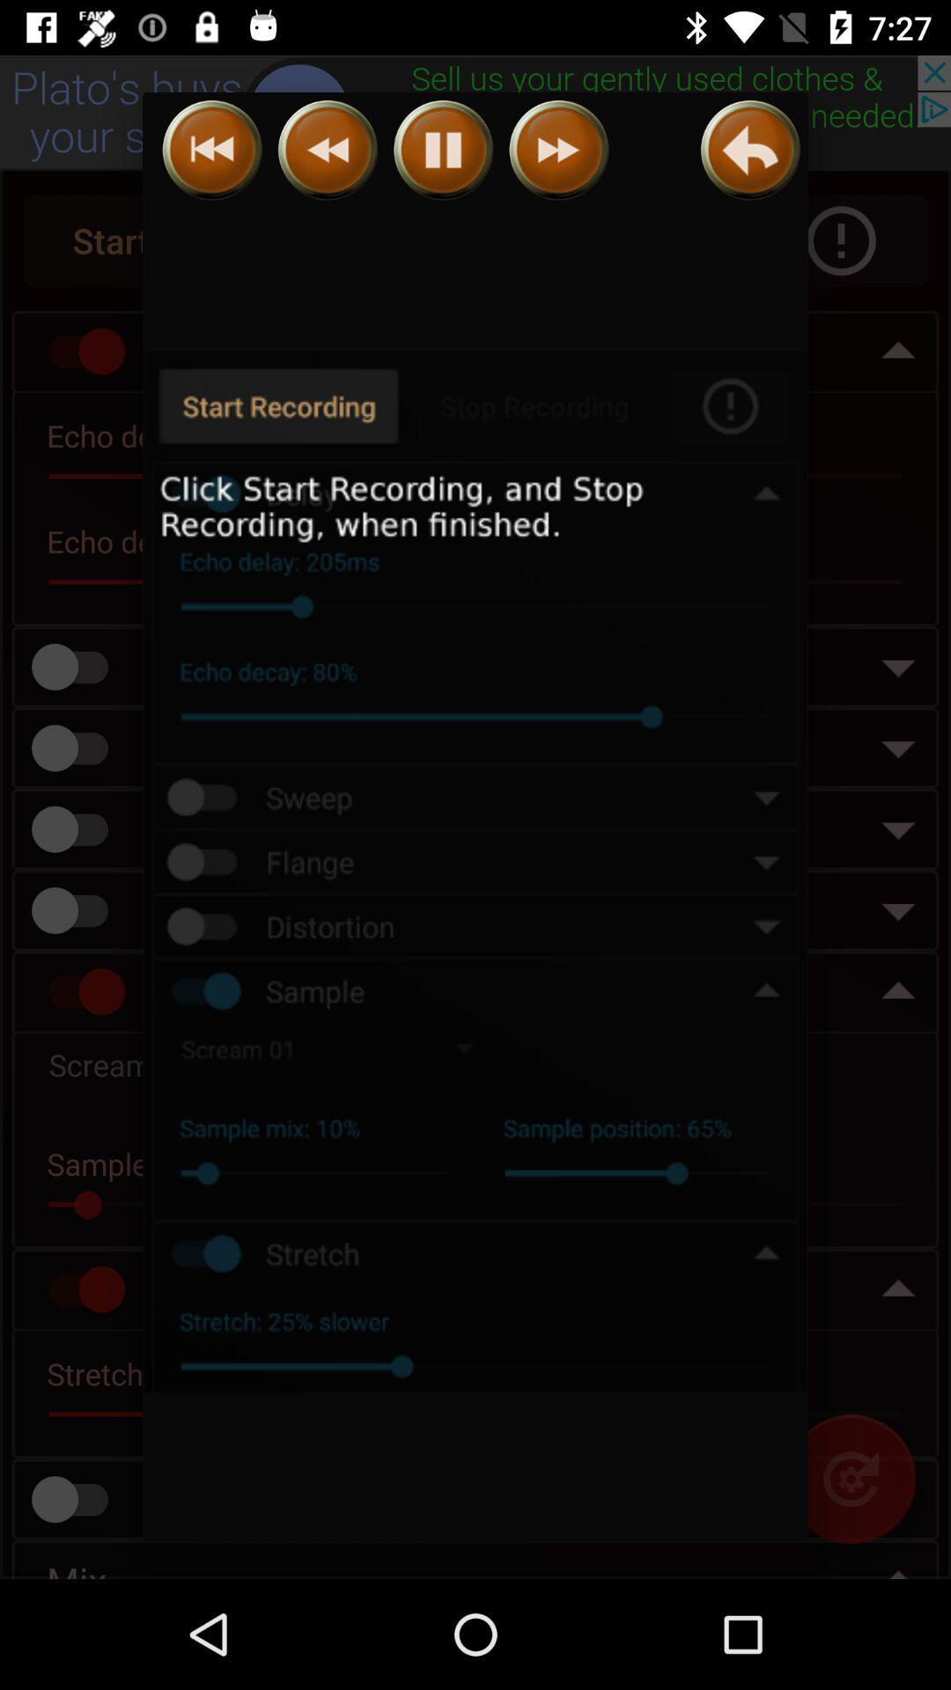  Describe the element at coordinates (211, 150) in the screenshot. I see `the item at the top left corner` at that location.